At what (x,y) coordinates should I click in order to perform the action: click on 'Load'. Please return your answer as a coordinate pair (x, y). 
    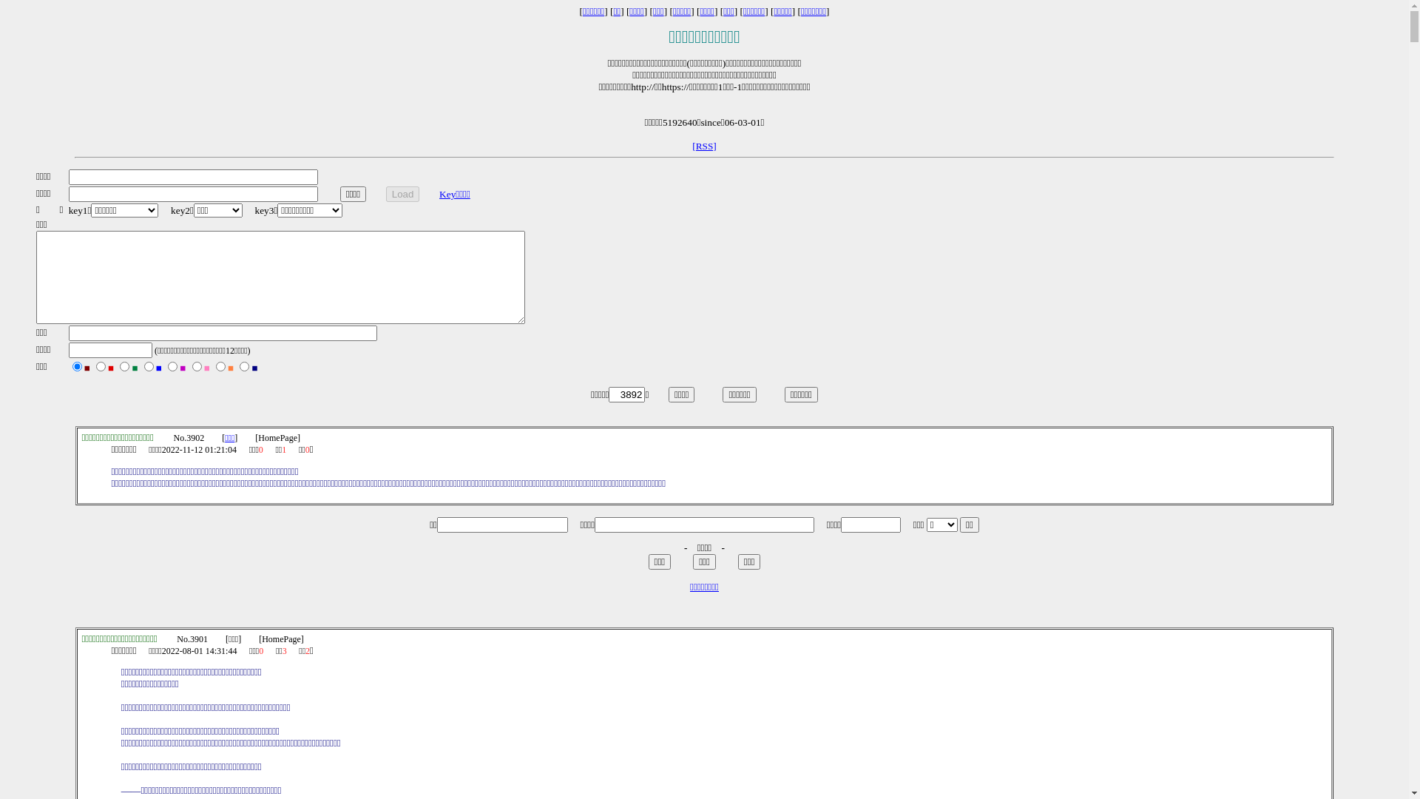
    Looking at the image, I should click on (386, 193).